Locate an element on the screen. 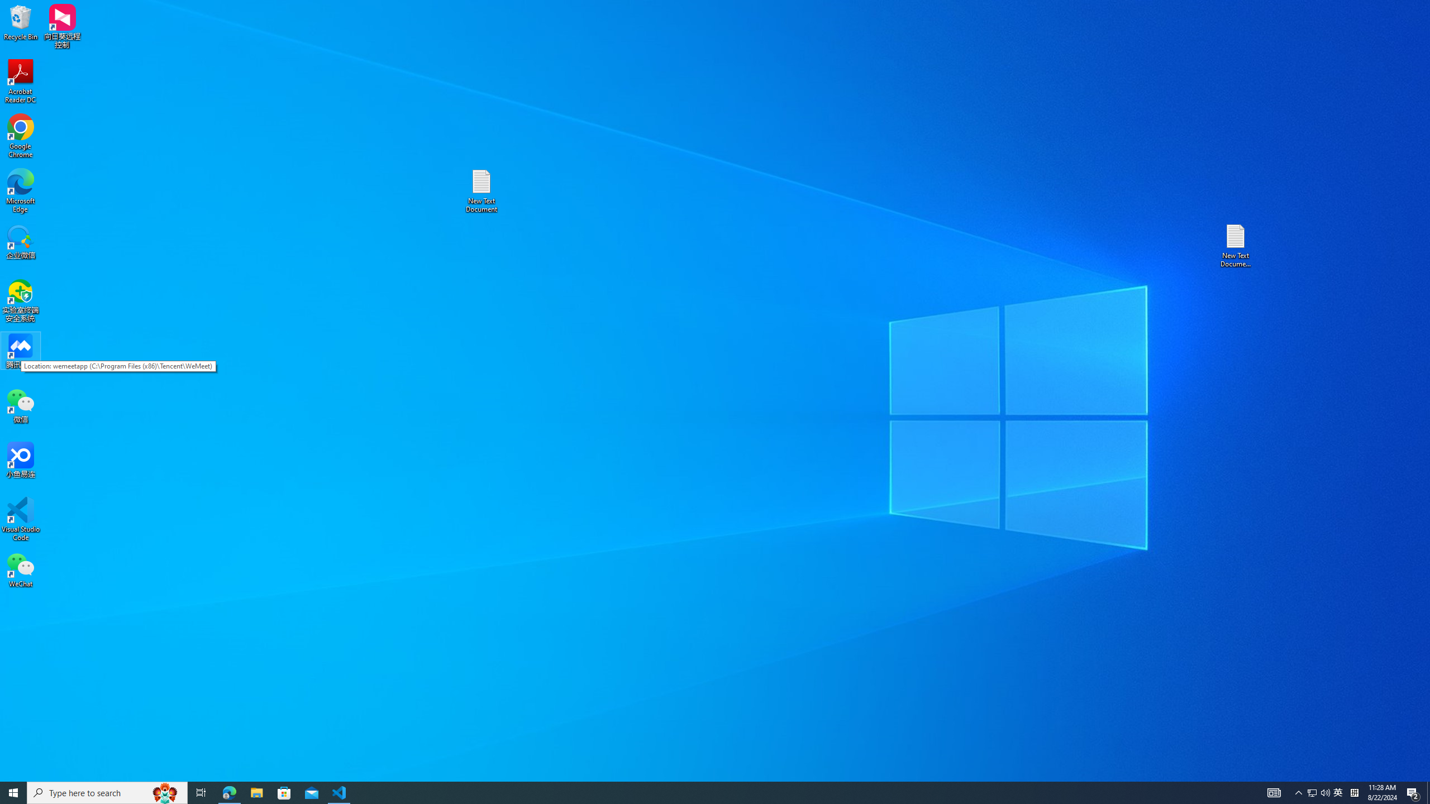  'Search highlights icon opens search home window' is located at coordinates (164, 792).